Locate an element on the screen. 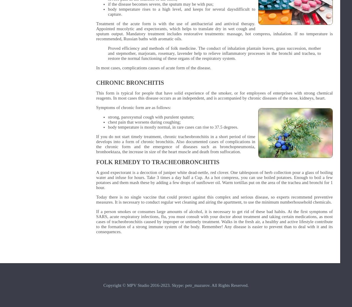  'This form is typical for people that have solid experience of the smoker, or for employees of enterprises with strong chemical reagents. In most cases this disease occurs as an independent, and is accompanied by chronic diseases of the nose, kidneys, heart.' is located at coordinates (214, 95).